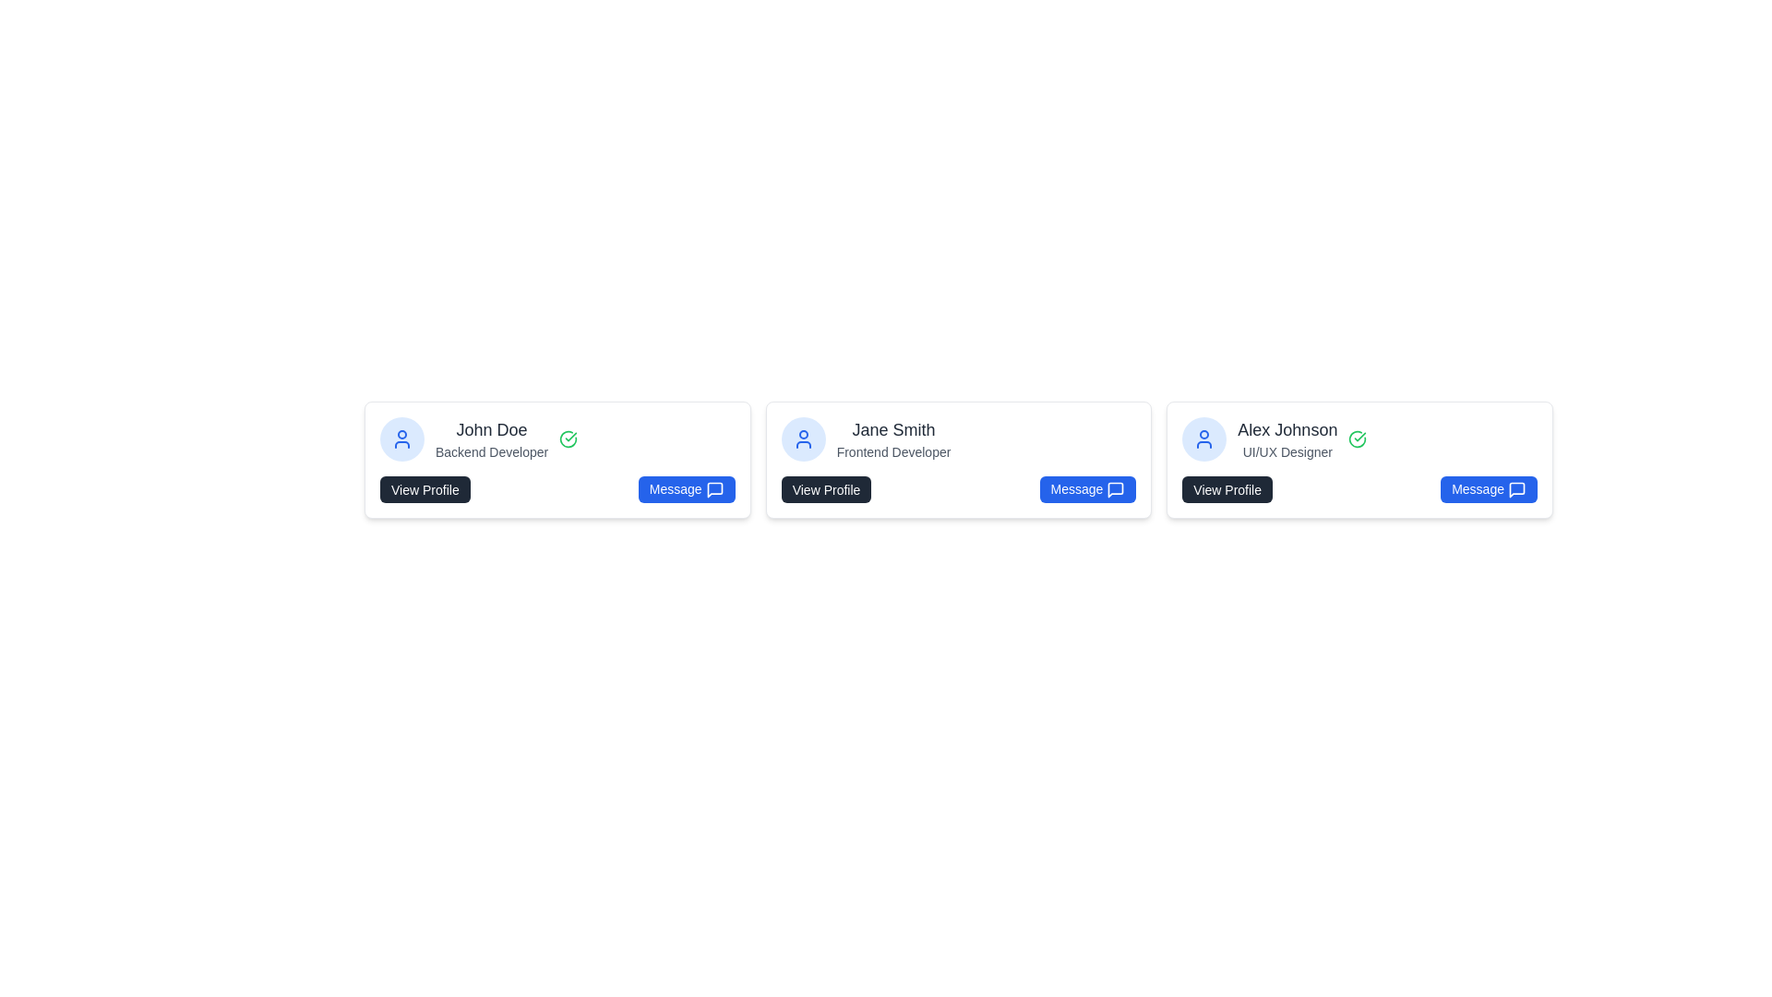 This screenshot has height=997, width=1772. I want to click on the decorative SVG icon next to the 'Message' button for 'Alex Johnson', which indicates the button's purpose to send a message, so click(1516, 489).